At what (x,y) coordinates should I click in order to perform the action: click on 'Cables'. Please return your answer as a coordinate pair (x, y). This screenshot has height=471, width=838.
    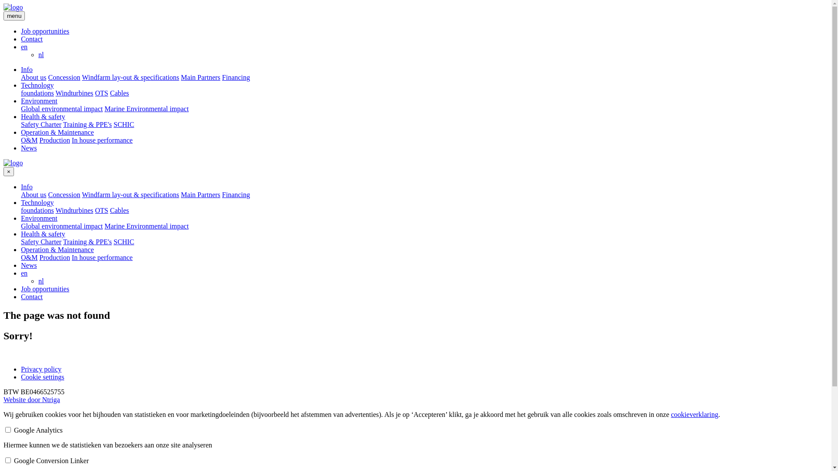
    Looking at the image, I should click on (119, 93).